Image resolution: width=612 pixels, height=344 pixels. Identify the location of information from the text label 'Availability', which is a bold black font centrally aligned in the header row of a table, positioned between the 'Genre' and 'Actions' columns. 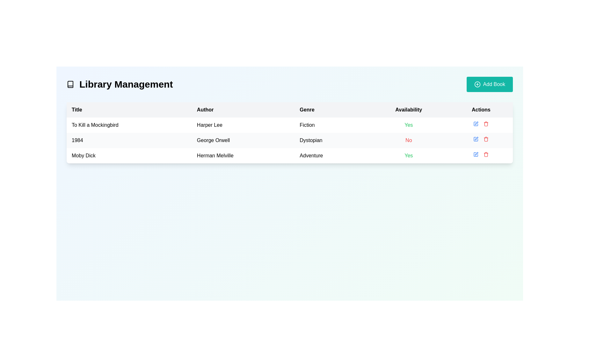
(409, 109).